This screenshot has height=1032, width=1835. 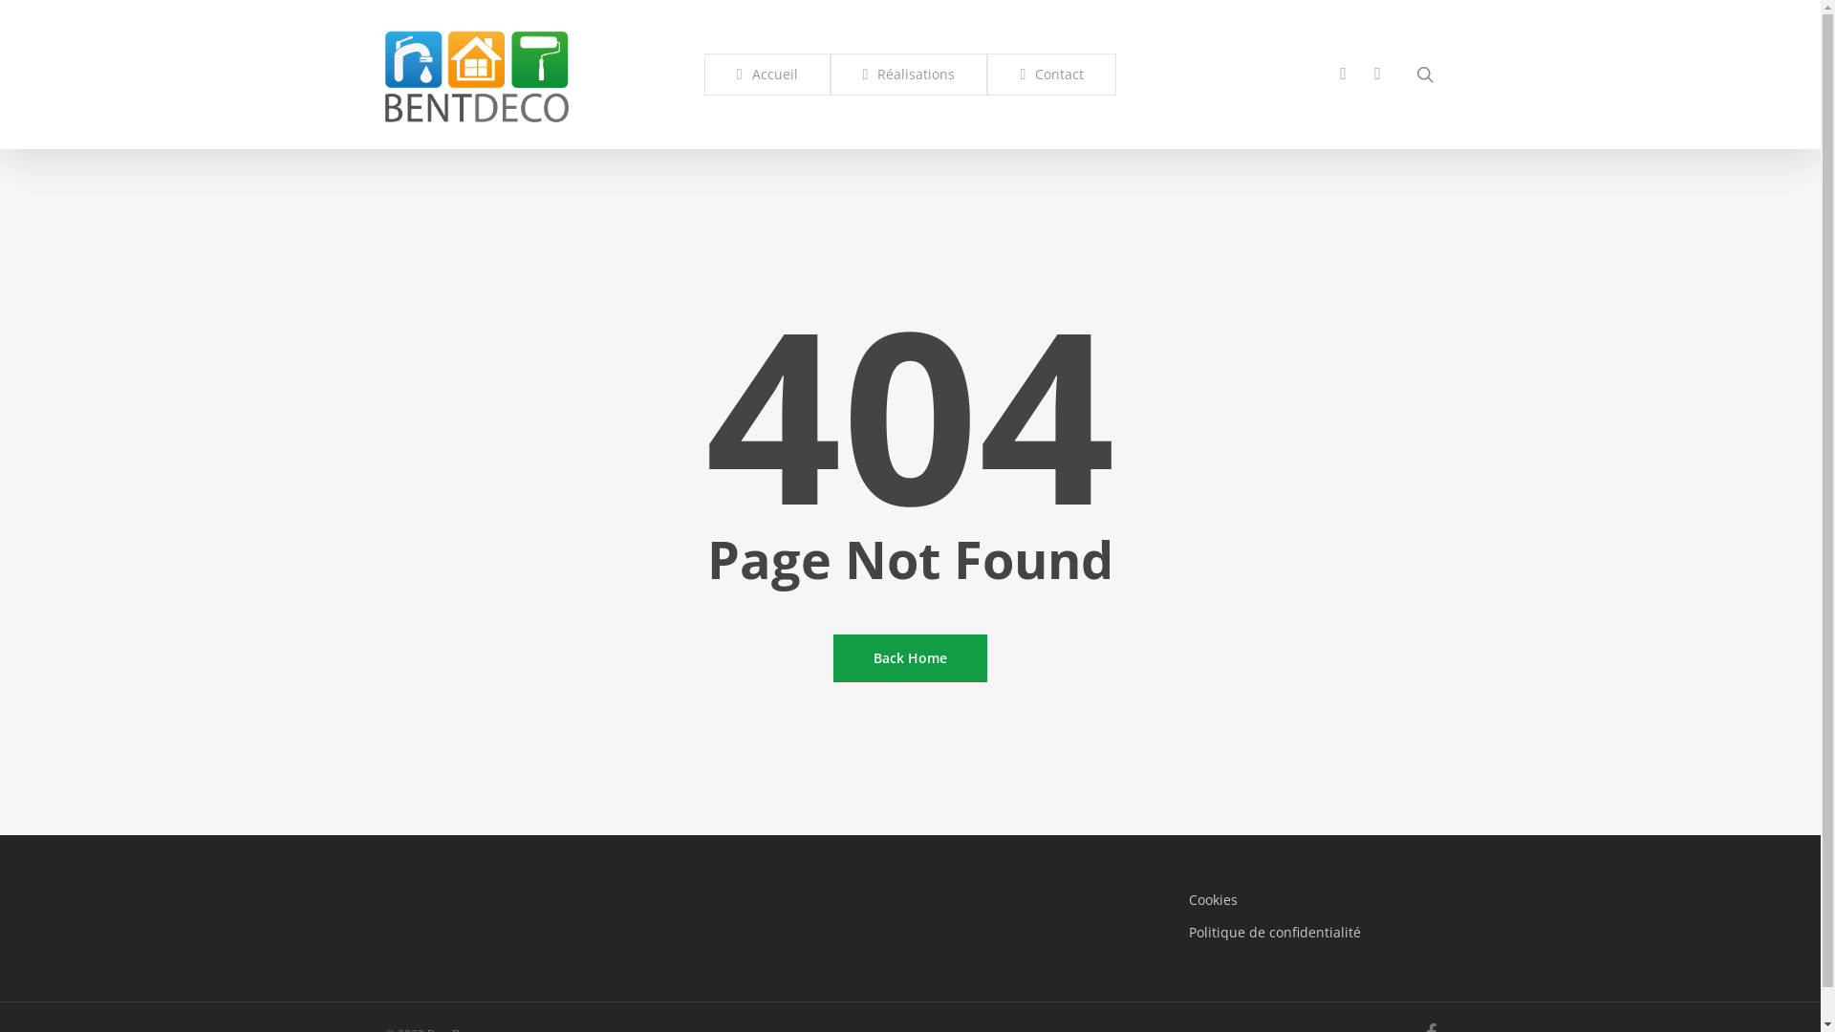 I want to click on 'Contact', so click(x=1050, y=73).